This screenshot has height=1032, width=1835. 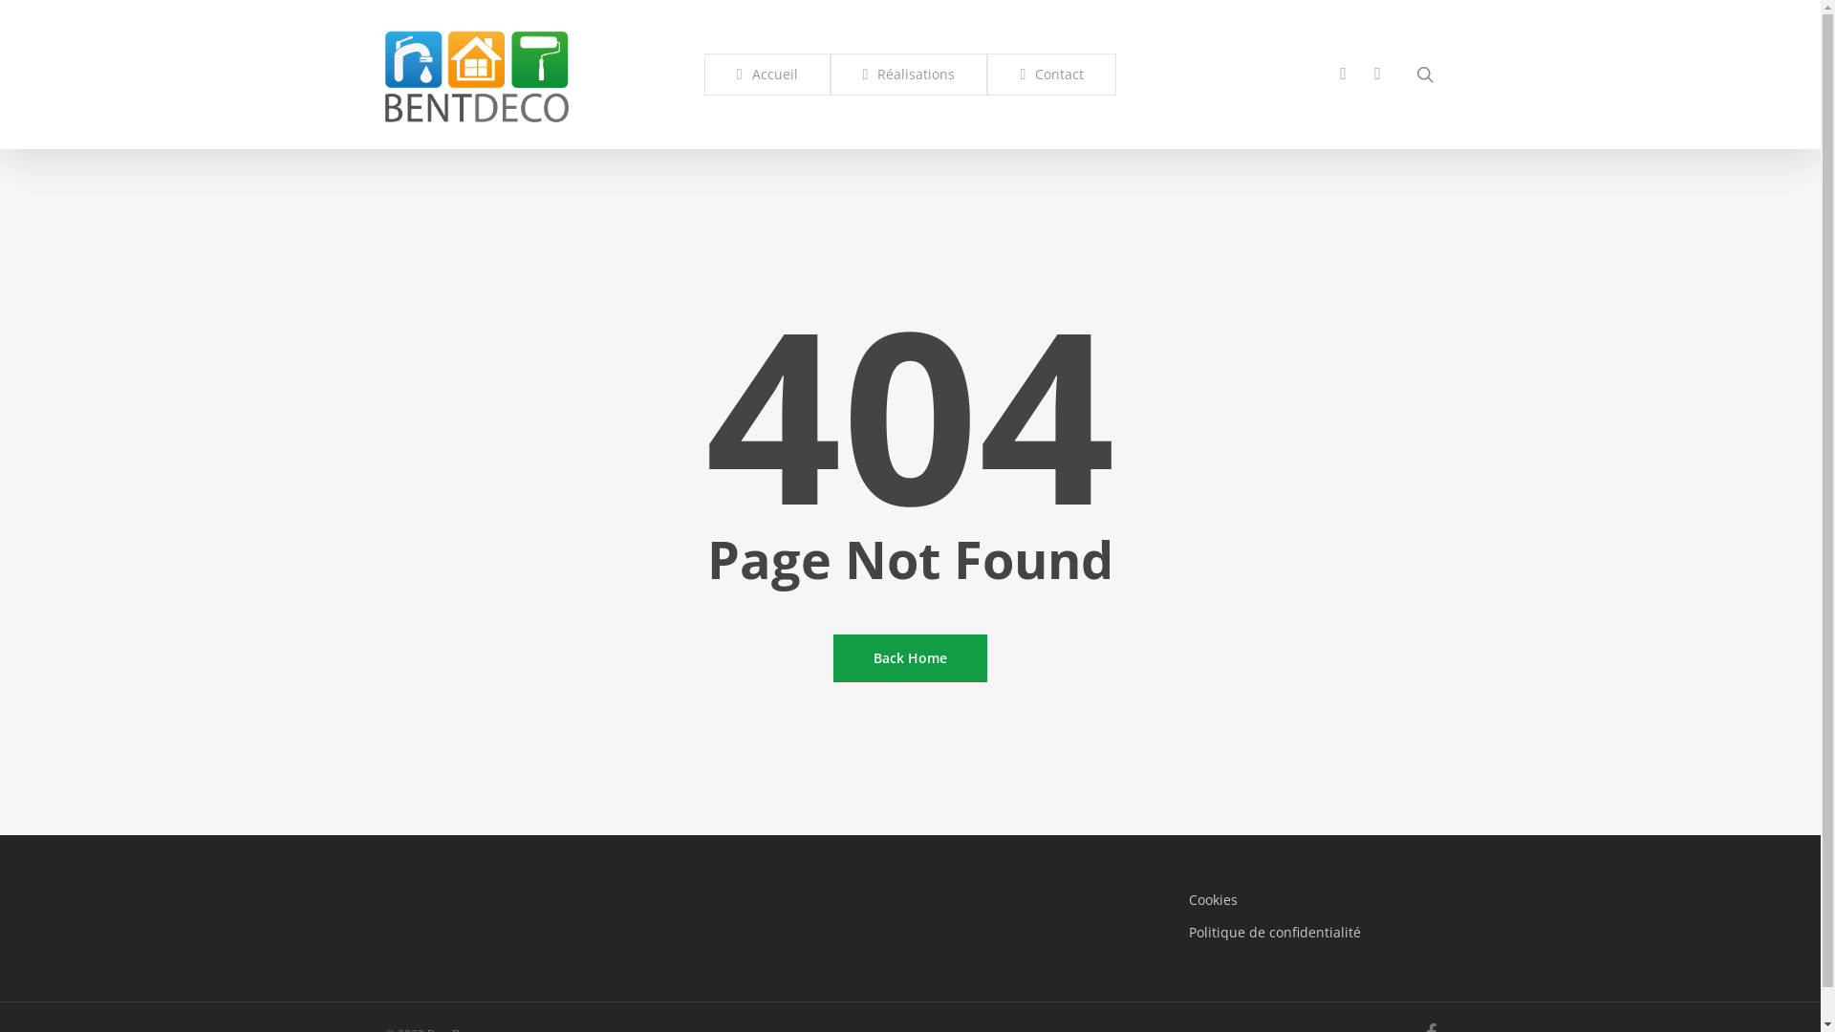 I want to click on 'Contact', so click(x=1050, y=73).